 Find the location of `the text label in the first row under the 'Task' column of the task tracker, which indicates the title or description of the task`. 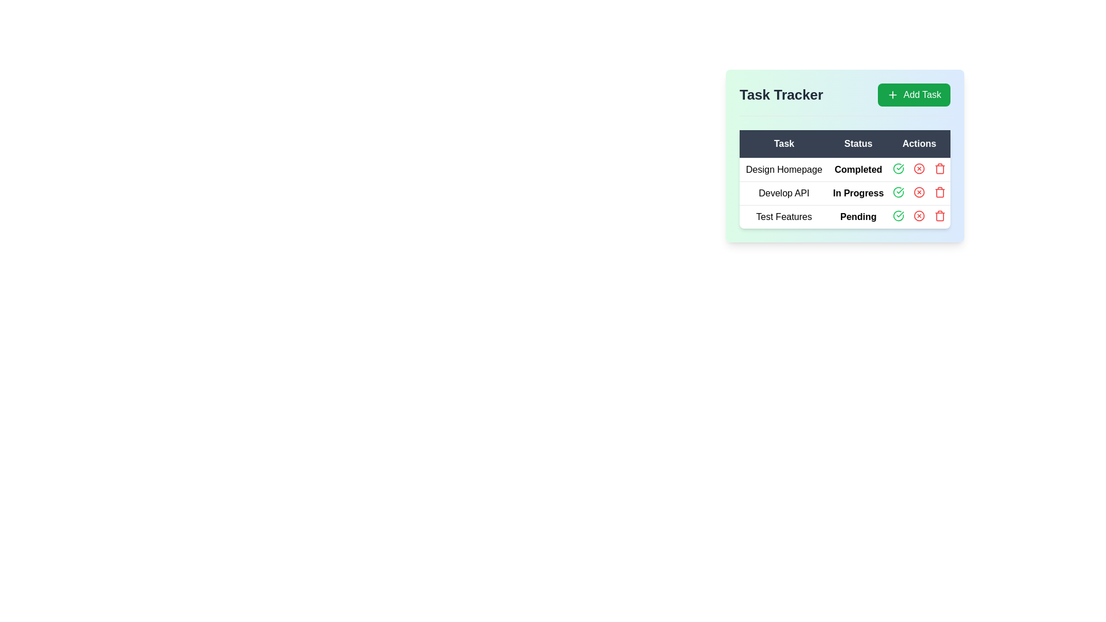

the text label in the first row under the 'Task' column of the task tracker, which indicates the title or description of the task is located at coordinates (783, 169).